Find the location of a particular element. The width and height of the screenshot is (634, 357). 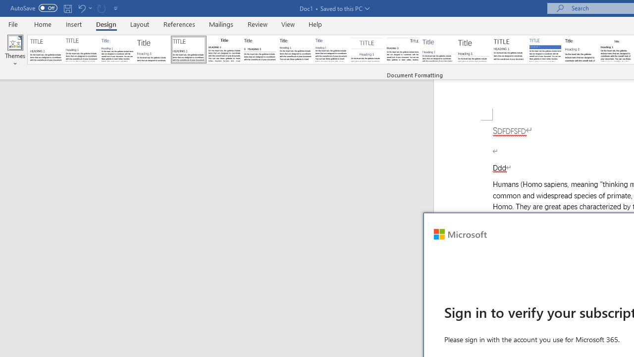

'Themes' is located at coordinates (15, 51).